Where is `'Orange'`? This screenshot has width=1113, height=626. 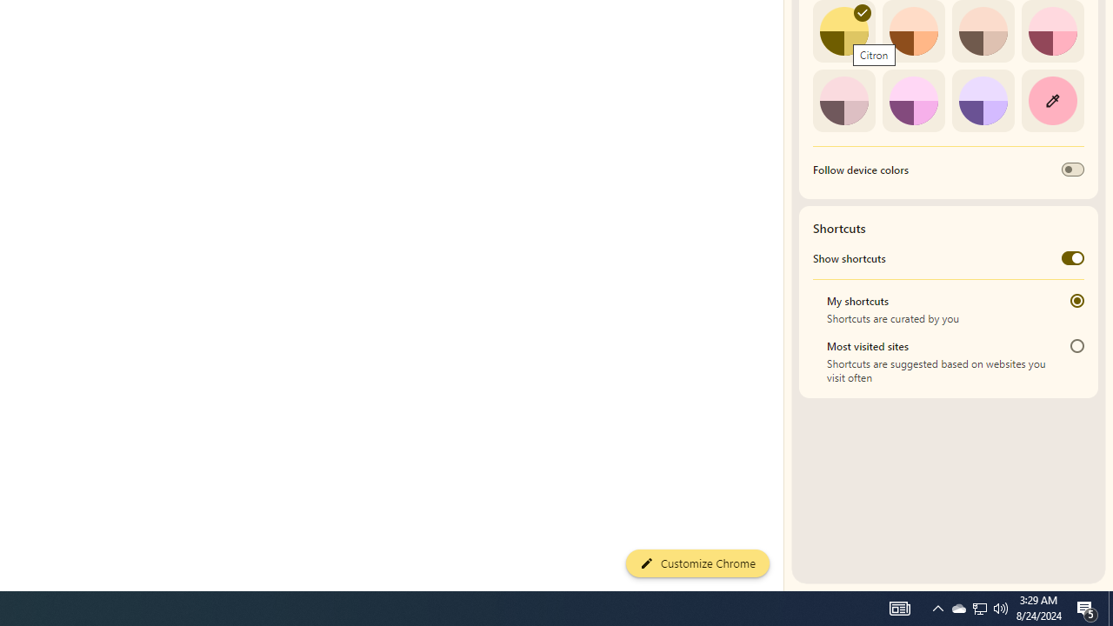
'Orange' is located at coordinates (912, 31).